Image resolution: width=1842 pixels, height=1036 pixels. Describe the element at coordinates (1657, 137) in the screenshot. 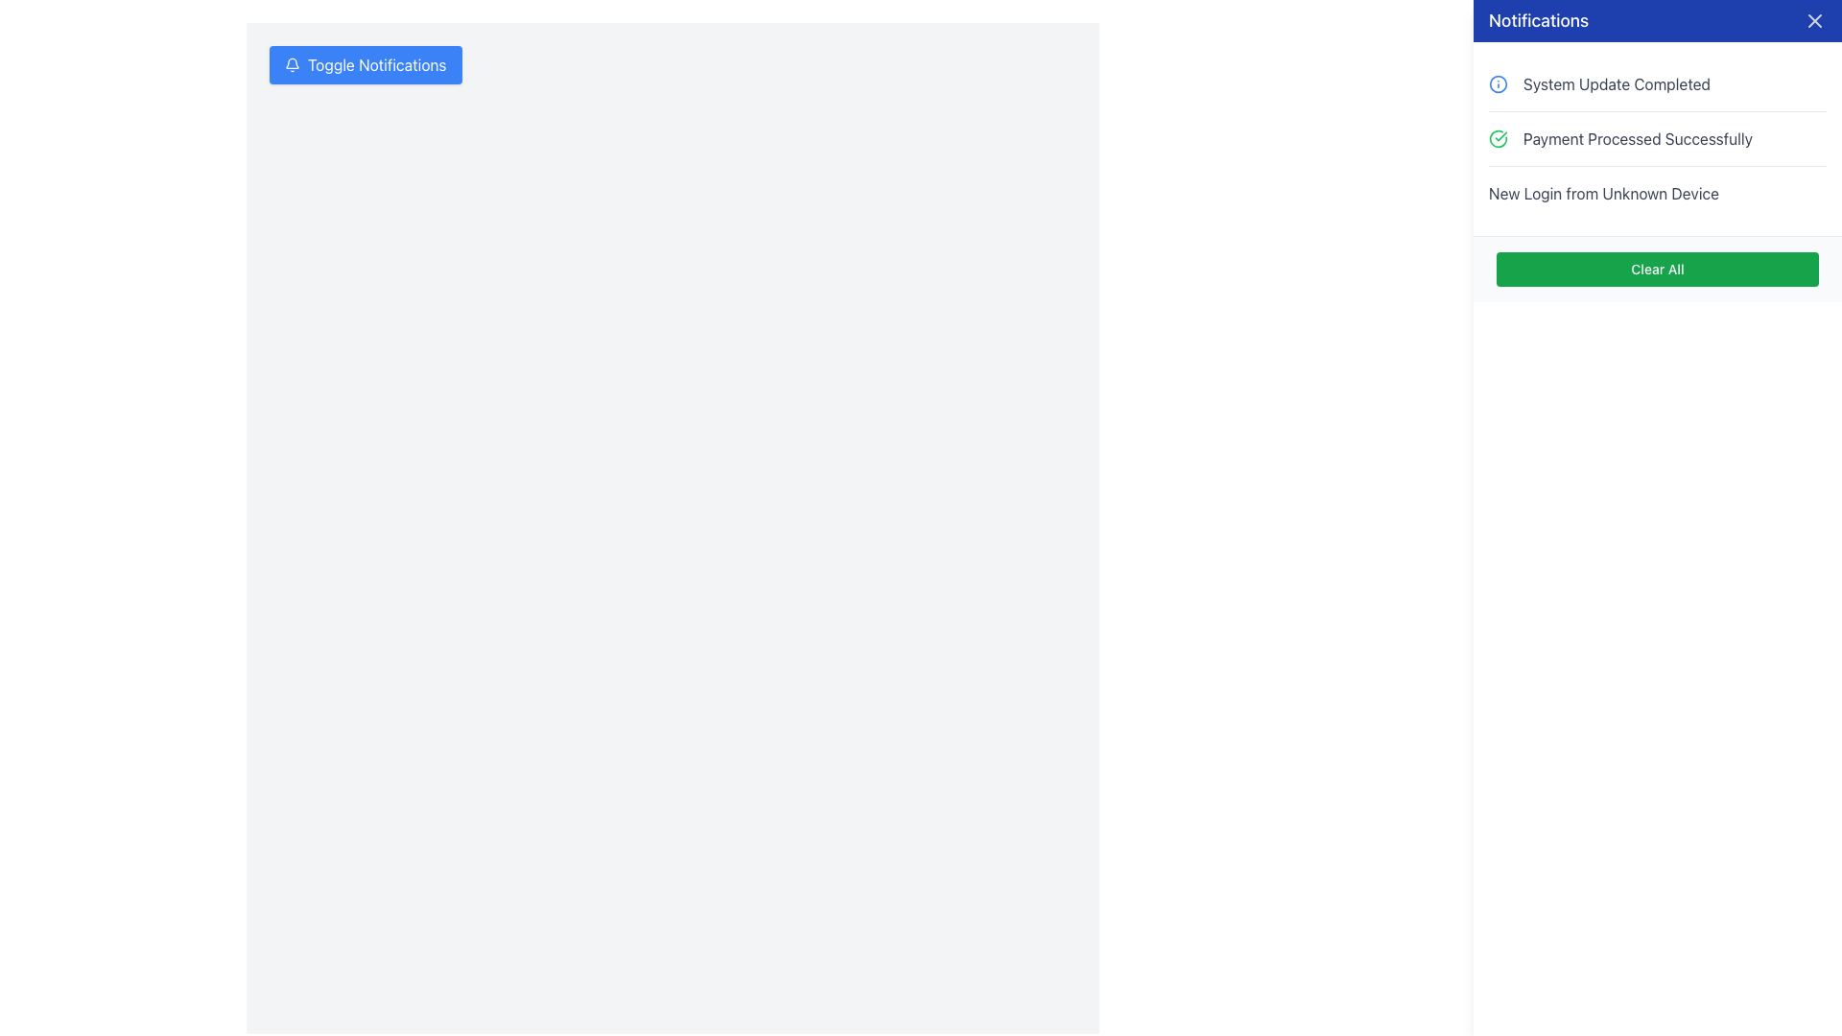

I see `notification item displaying 'Payment Processed Successfully' with a green checkmark icon, located as the second item in the notifications panel` at that location.